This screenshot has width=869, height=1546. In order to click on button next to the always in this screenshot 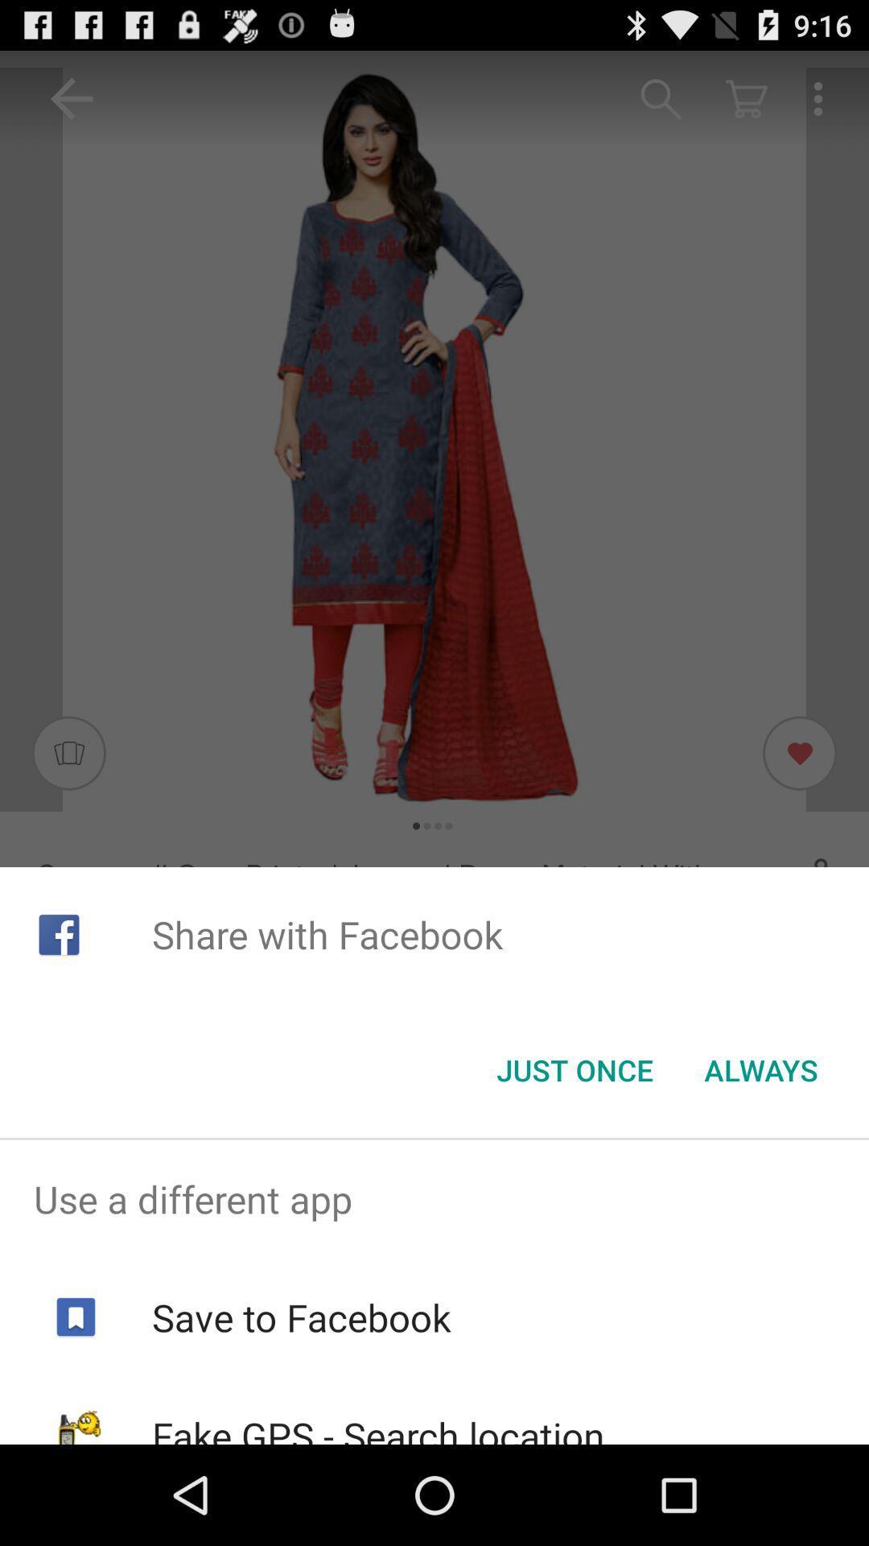, I will do `click(574, 1070)`.